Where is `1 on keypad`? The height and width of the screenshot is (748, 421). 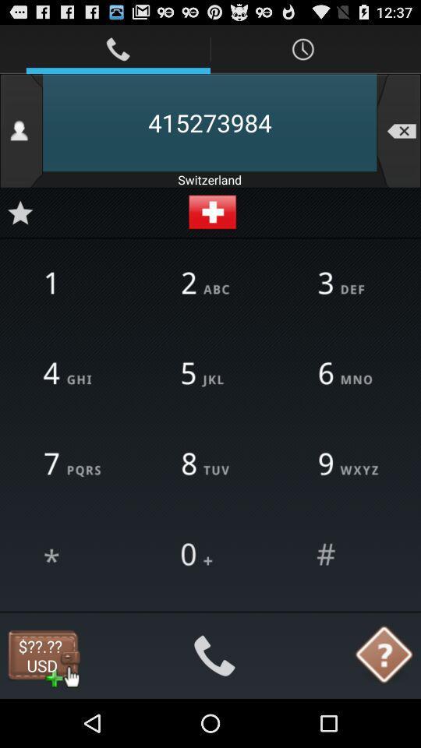
1 on keypad is located at coordinates (73, 283).